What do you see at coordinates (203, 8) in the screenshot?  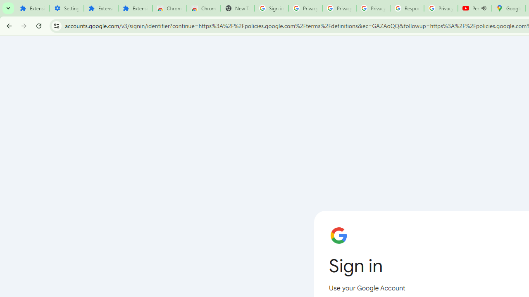 I see `'Chrome Web Store - Themes'` at bounding box center [203, 8].